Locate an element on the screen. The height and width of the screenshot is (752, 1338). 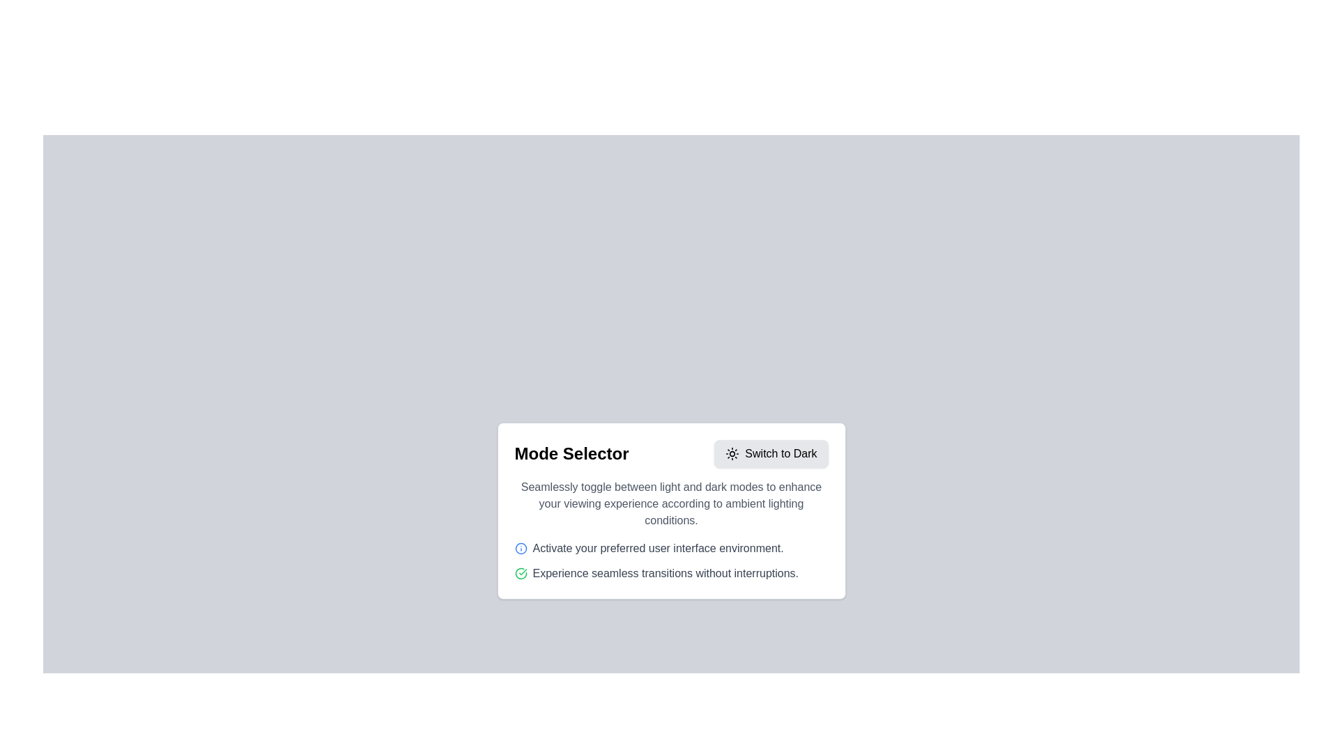
the 'Switch to Dark' button, which has a light gray background and is styled with rounded corners is located at coordinates (770, 453).